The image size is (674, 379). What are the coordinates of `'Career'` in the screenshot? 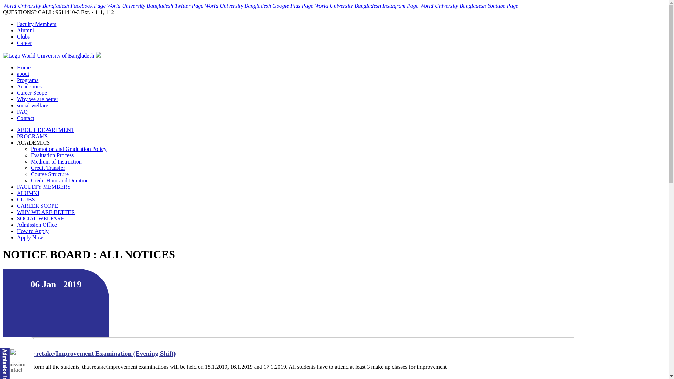 It's located at (24, 43).